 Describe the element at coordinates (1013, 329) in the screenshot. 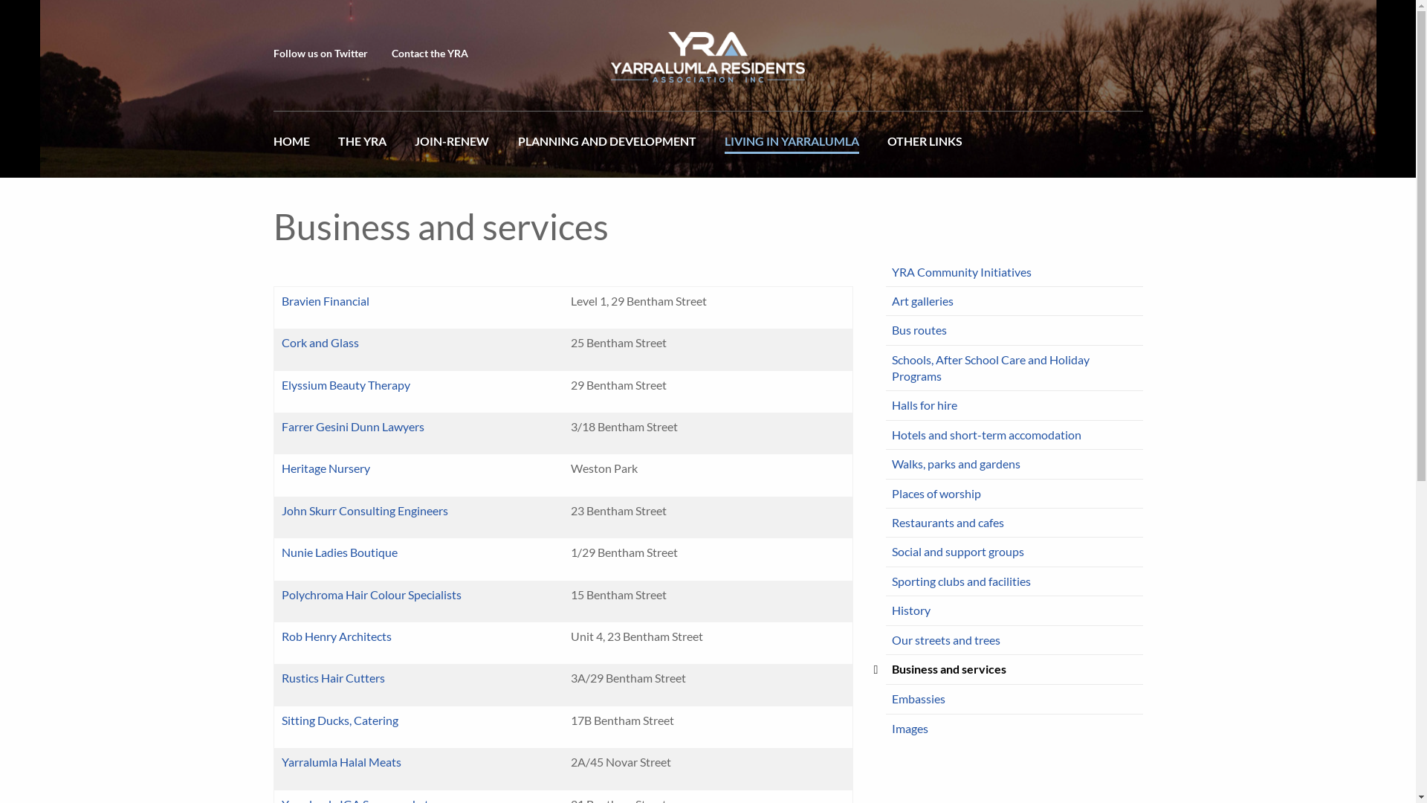

I see `'Bus routes'` at that location.